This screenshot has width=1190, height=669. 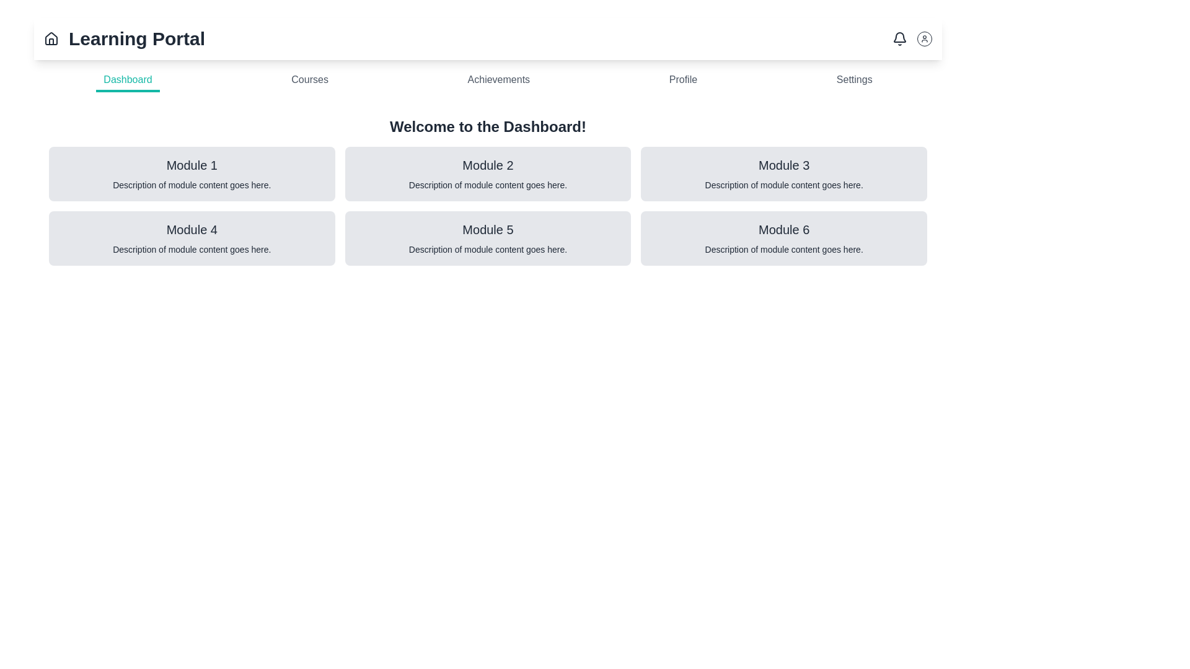 I want to click on the Settings button, which is the fifth item in the horizontal navigation menu, so click(x=853, y=81).